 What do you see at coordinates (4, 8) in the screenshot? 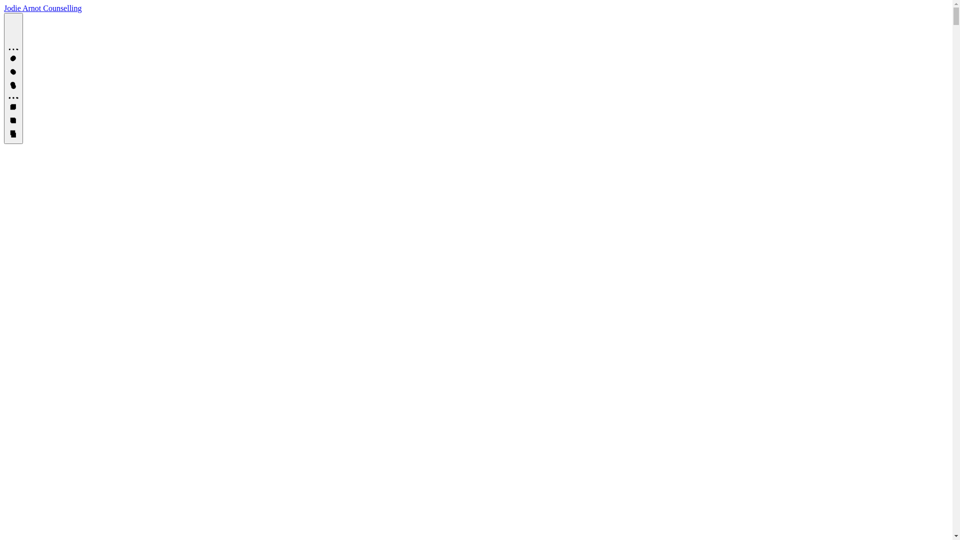
I see `'Jodie Arnot Counselling'` at bounding box center [4, 8].